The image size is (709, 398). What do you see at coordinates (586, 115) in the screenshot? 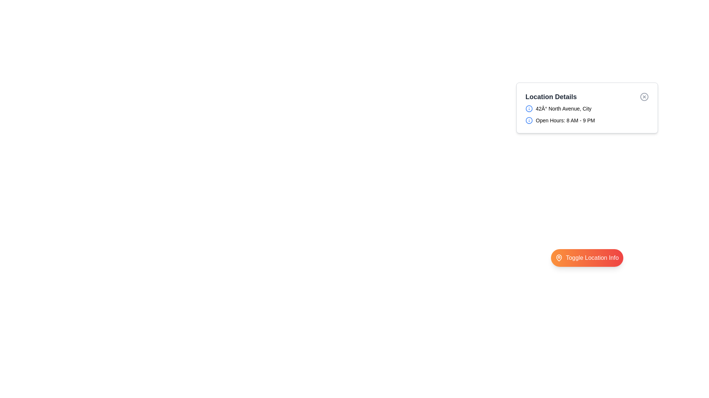
I see `the address text within the Grid layout of the 'Location Details' modal` at bounding box center [586, 115].